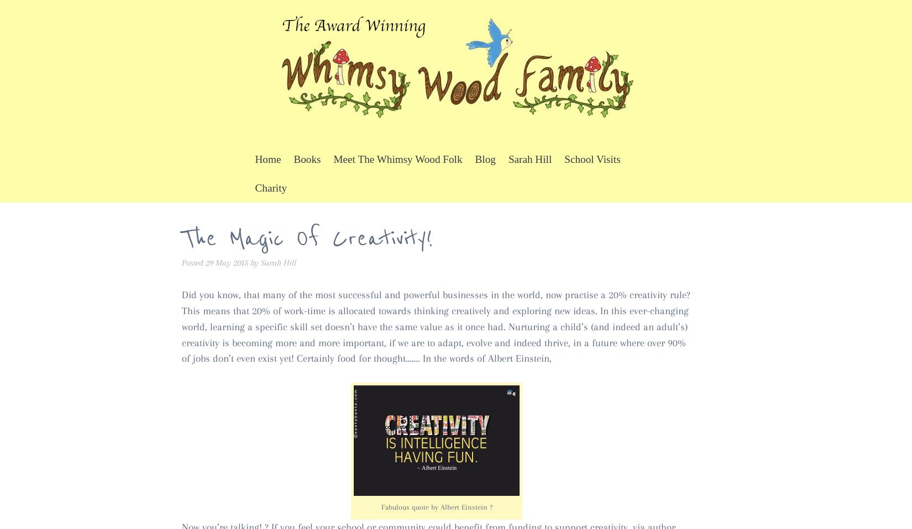 The width and height of the screenshot is (912, 529). What do you see at coordinates (254, 187) in the screenshot?
I see `'Charity'` at bounding box center [254, 187].